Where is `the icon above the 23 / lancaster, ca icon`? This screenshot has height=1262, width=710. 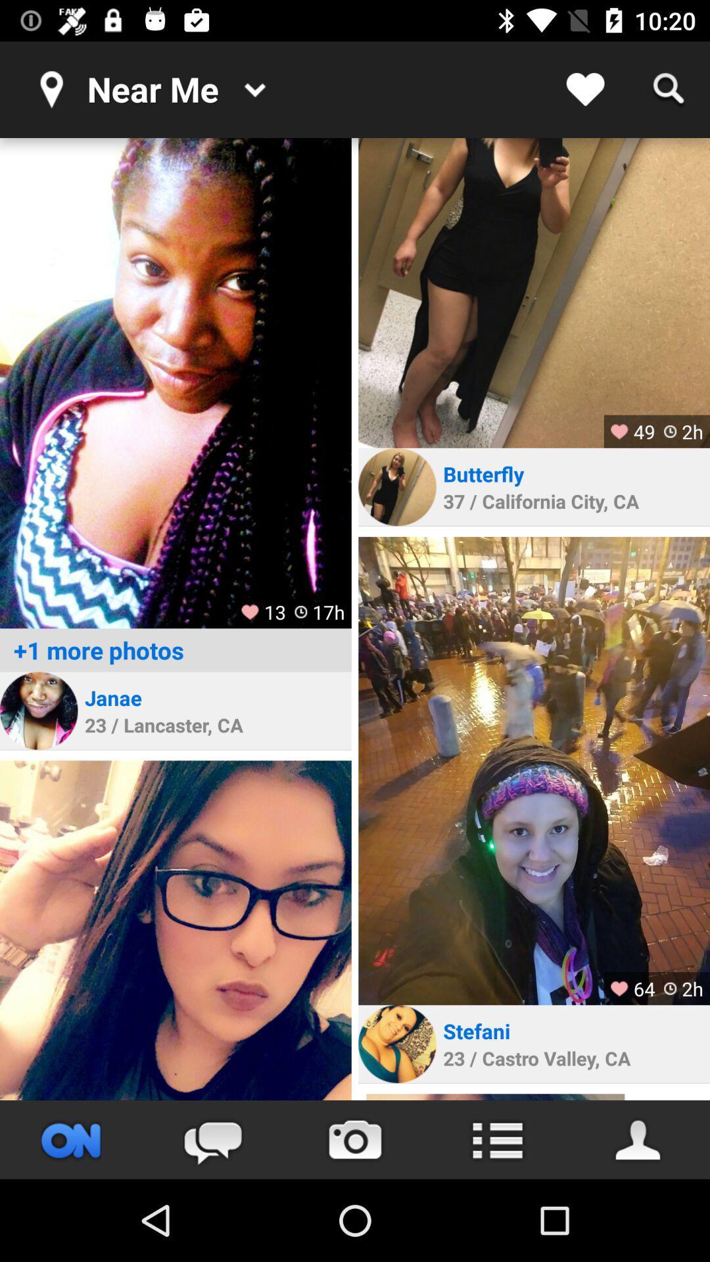 the icon above the 23 / lancaster, ca icon is located at coordinates (112, 697).